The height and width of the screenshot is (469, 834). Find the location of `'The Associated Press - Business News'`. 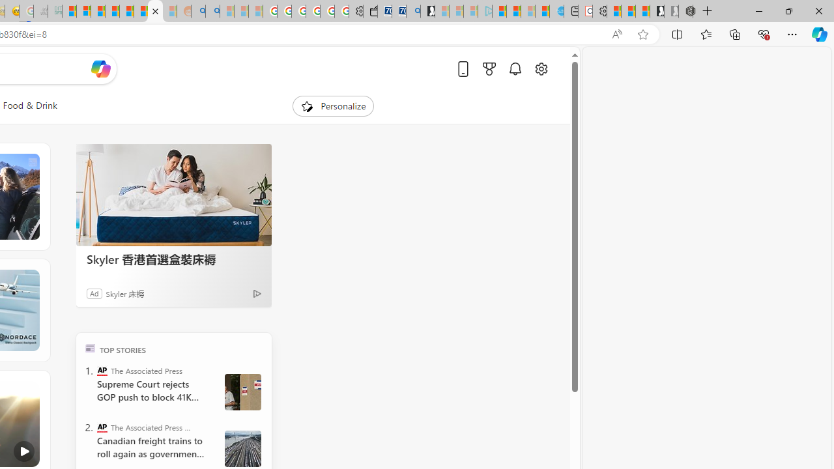

'The Associated Press - Business News' is located at coordinates (101, 427).